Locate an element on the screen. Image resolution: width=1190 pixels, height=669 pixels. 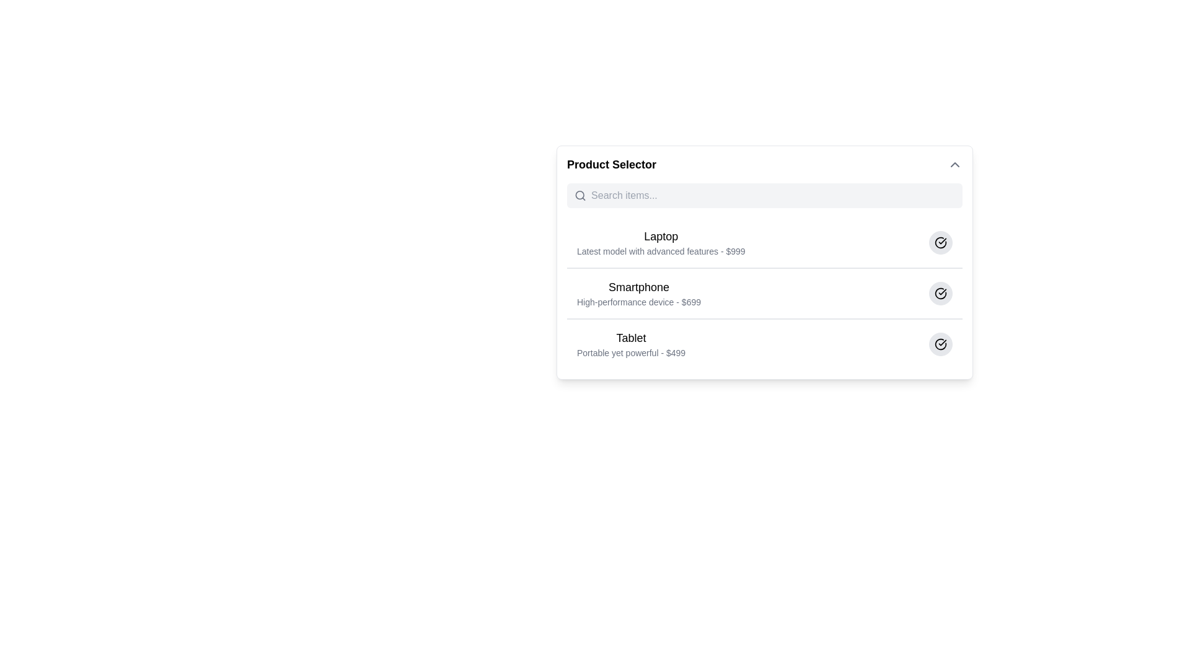
text label that identifies the product category or item located at the top of the 'Product Selector' interface, positioned above the description line for the latest model is located at coordinates (660, 236).